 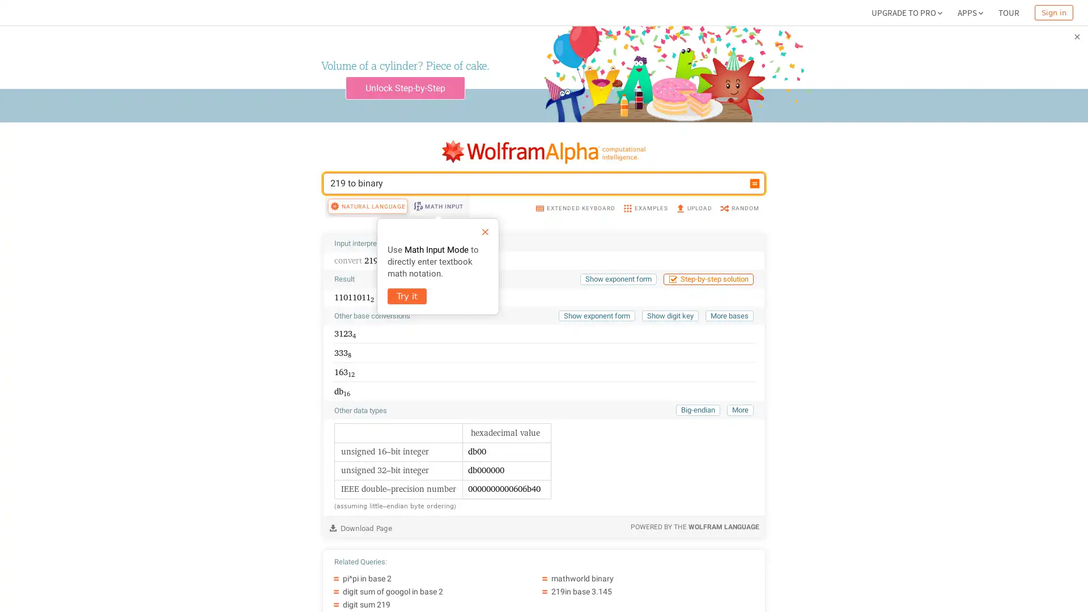 I want to click on Show exponent form, so click(x=618, y=300).